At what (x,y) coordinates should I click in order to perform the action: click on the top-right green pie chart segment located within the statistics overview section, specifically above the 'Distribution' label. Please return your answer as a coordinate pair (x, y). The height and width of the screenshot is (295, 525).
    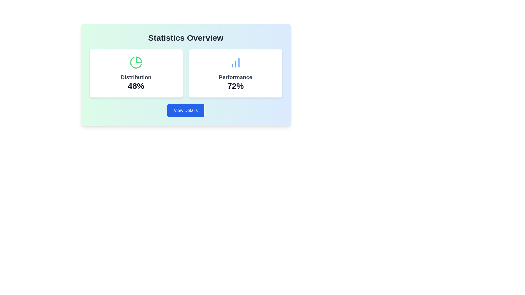
    Looking at the image, I should click on (139, 60).